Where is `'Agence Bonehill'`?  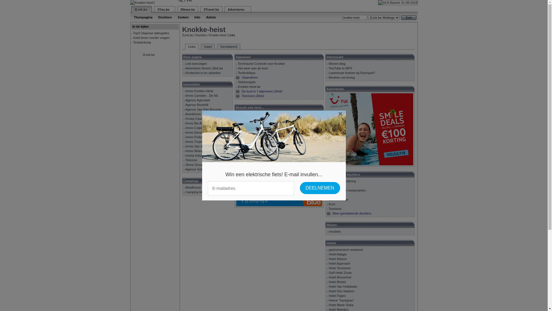 'Agence Bonehill' is located at coordinates (197, 105).